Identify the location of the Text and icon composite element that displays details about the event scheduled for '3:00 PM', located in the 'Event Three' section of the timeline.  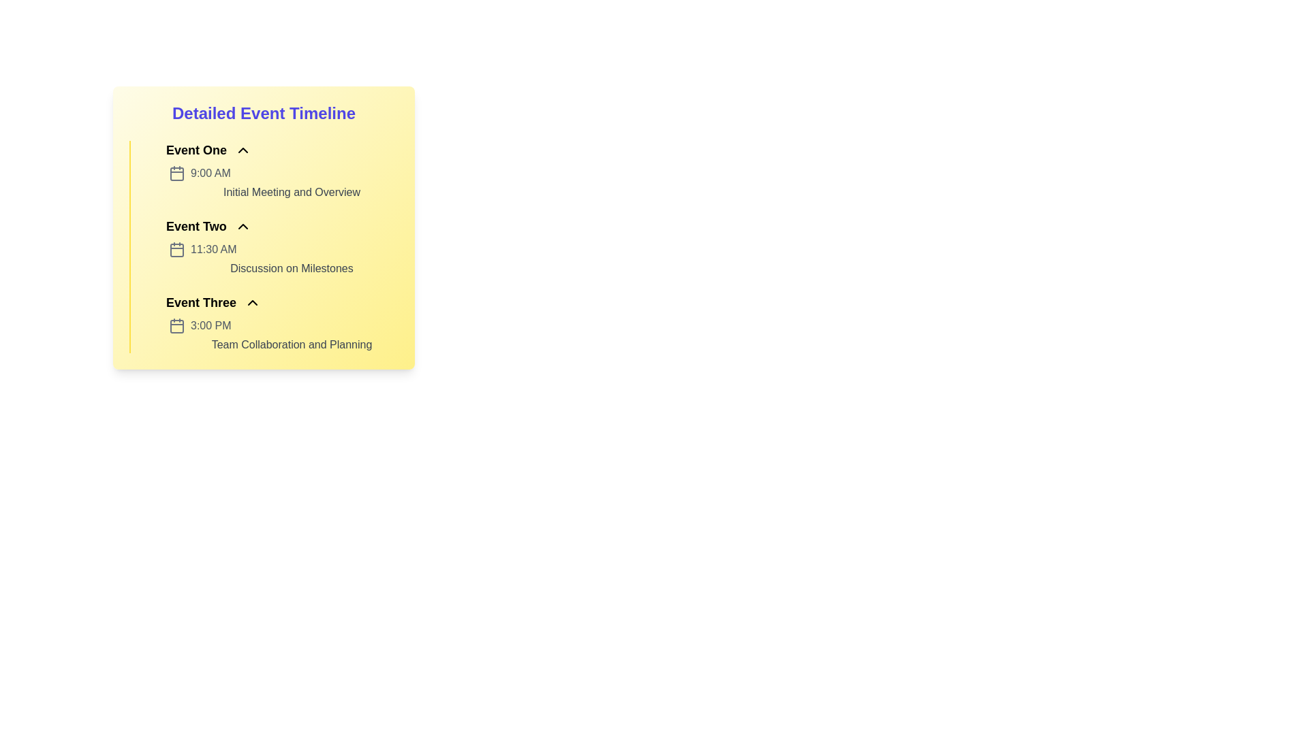
(283, 336).